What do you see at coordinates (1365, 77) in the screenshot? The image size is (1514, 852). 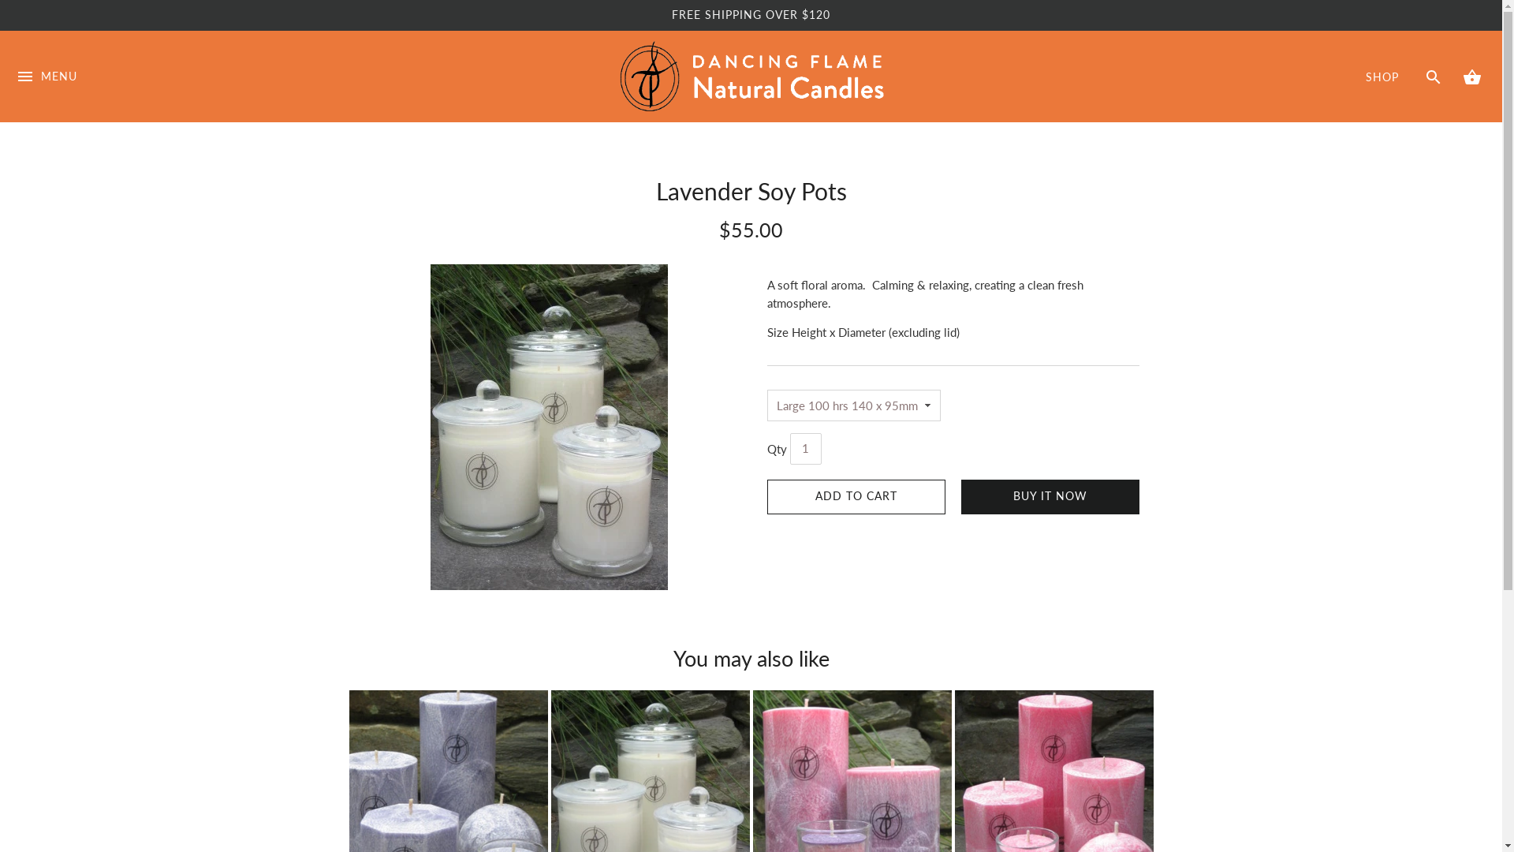 I see `'SHOP'` at bounding box center [1365, 77].